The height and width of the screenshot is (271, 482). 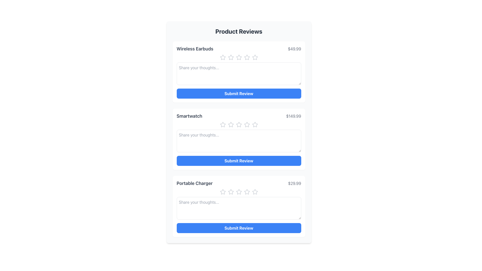 I want to click on the text label displaying the price '$149.99' in gray color, located in the second product review card titled 'Smartwatch', positioned to the far-right of the card and vertically aligned near the center, so click(x=293, y=116).